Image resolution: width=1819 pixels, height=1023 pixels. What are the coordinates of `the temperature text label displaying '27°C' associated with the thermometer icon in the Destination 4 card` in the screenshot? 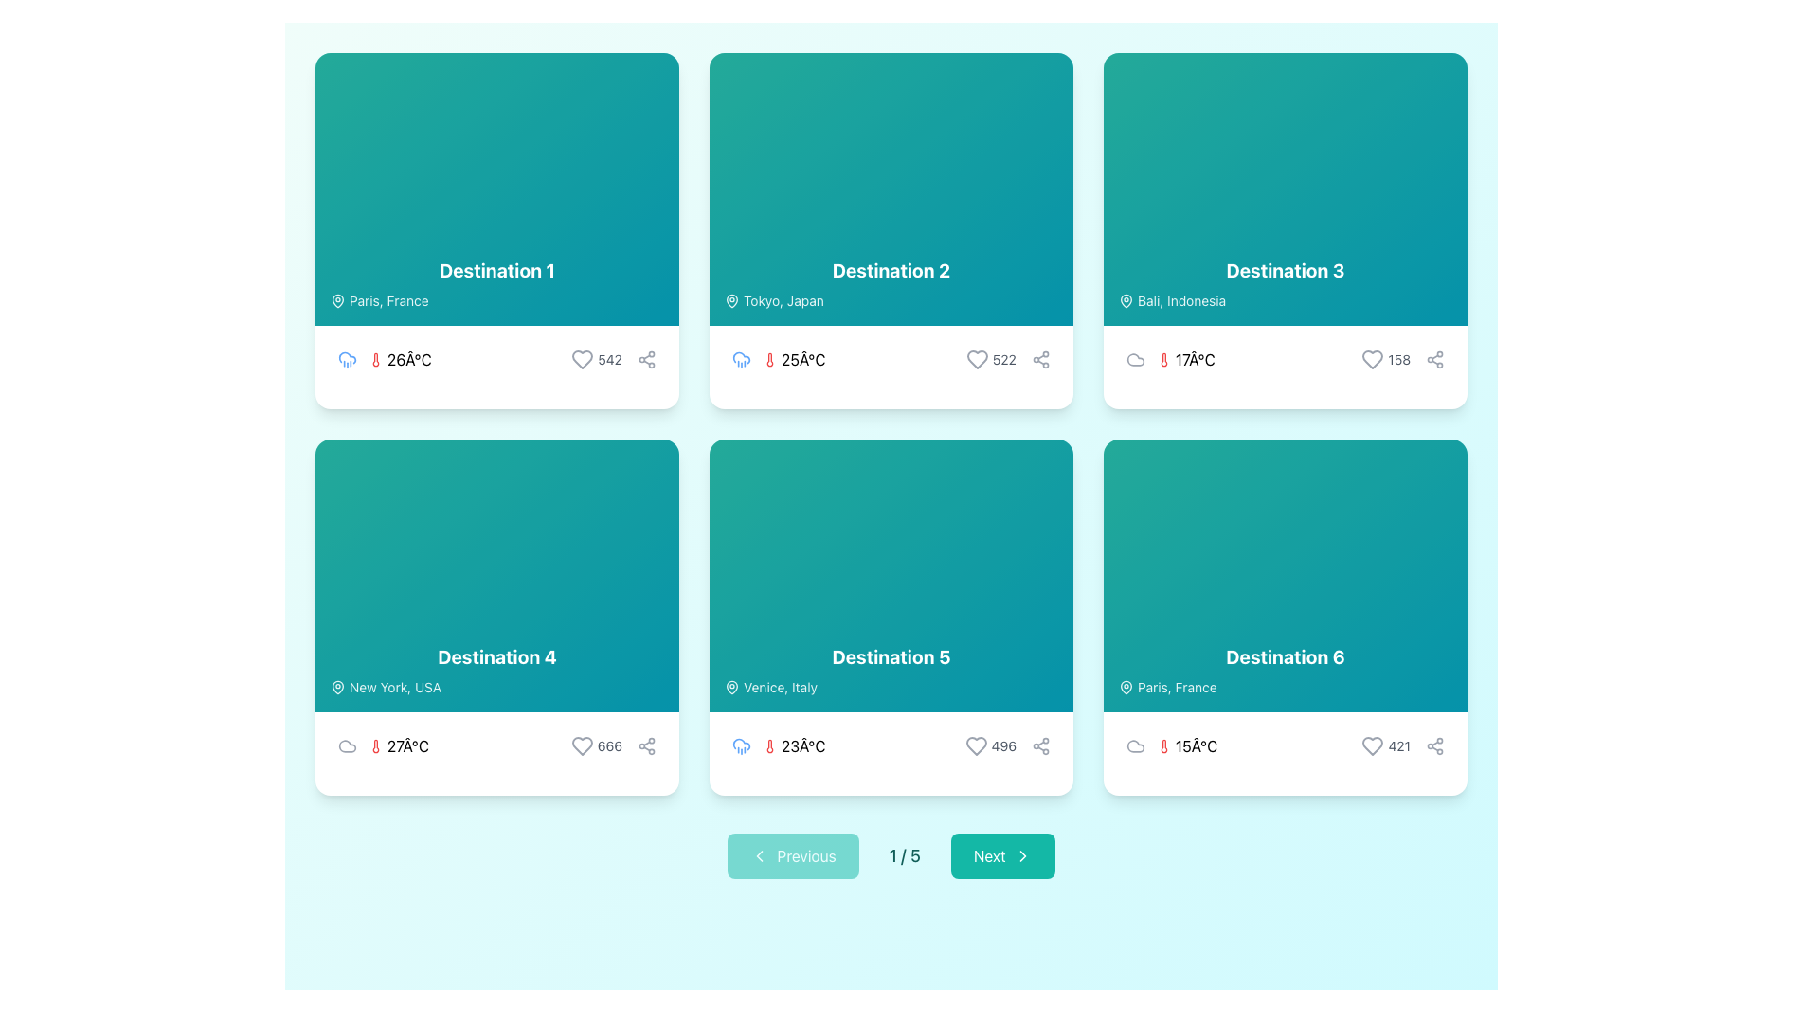 It's located at (407, 745).